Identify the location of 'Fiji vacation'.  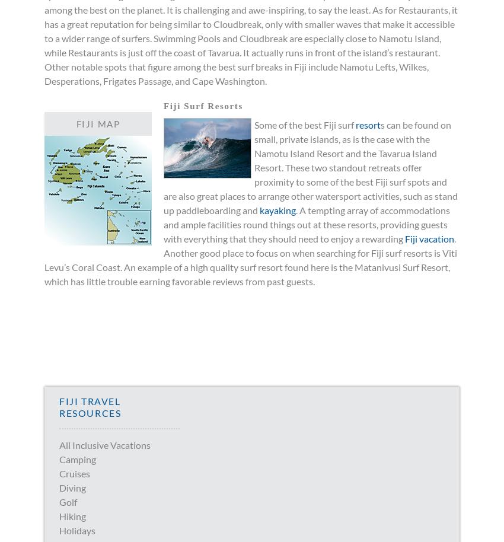
(404, 238).